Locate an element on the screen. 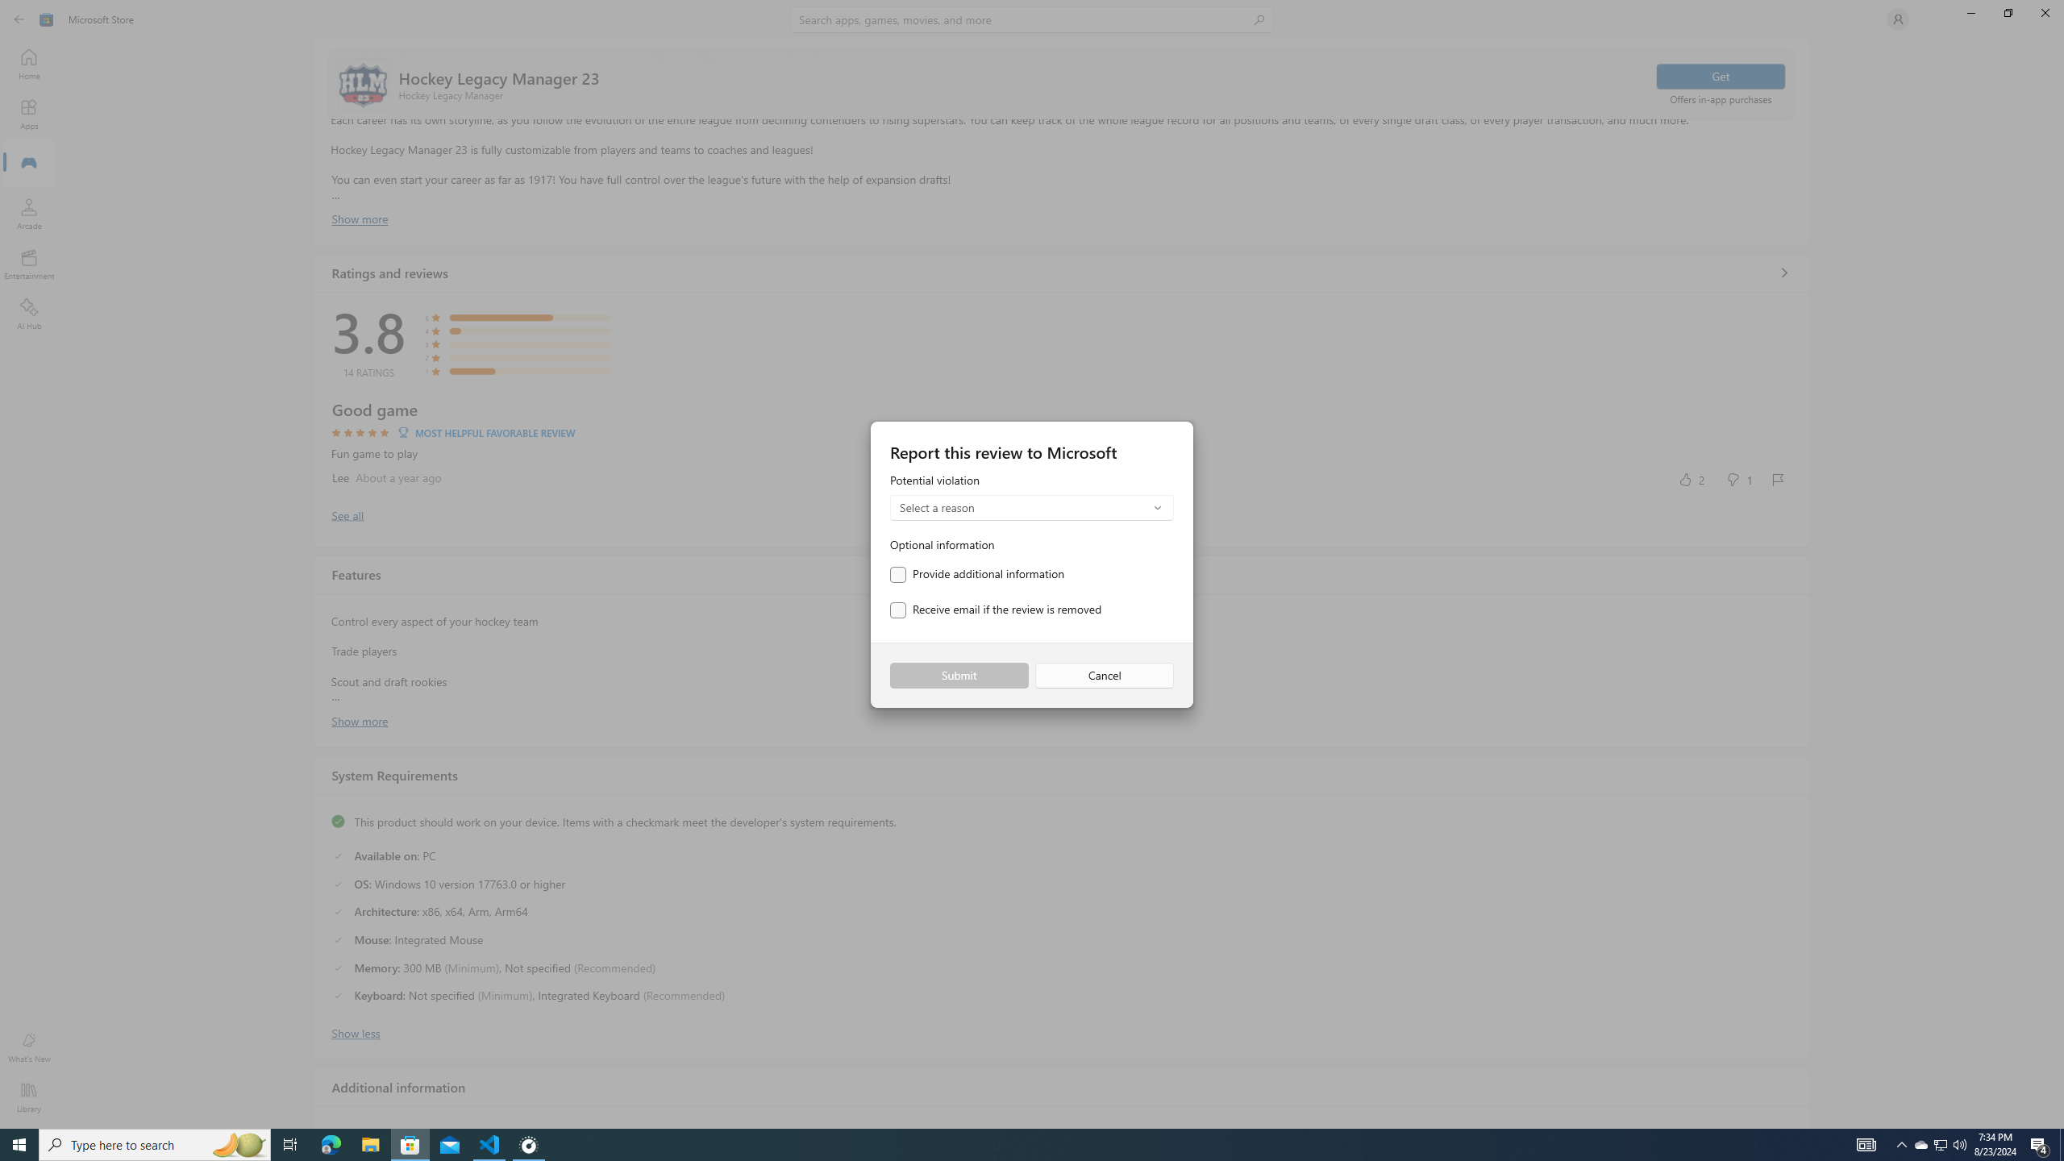 The height and width of the screenshot is (1161, 2064). 'What' is located at coordinates (27, 1047).